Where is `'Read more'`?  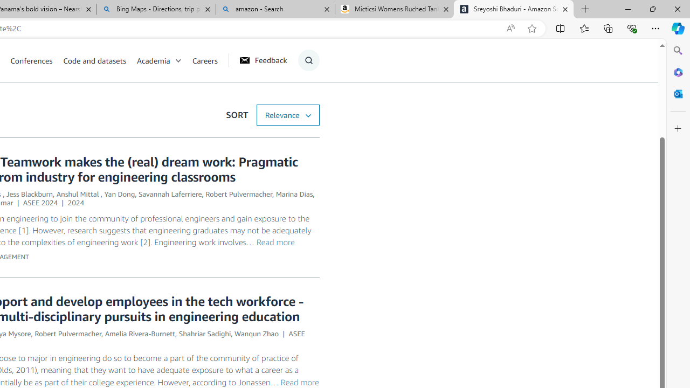 'Read more' is located at coordinates (299, 381).